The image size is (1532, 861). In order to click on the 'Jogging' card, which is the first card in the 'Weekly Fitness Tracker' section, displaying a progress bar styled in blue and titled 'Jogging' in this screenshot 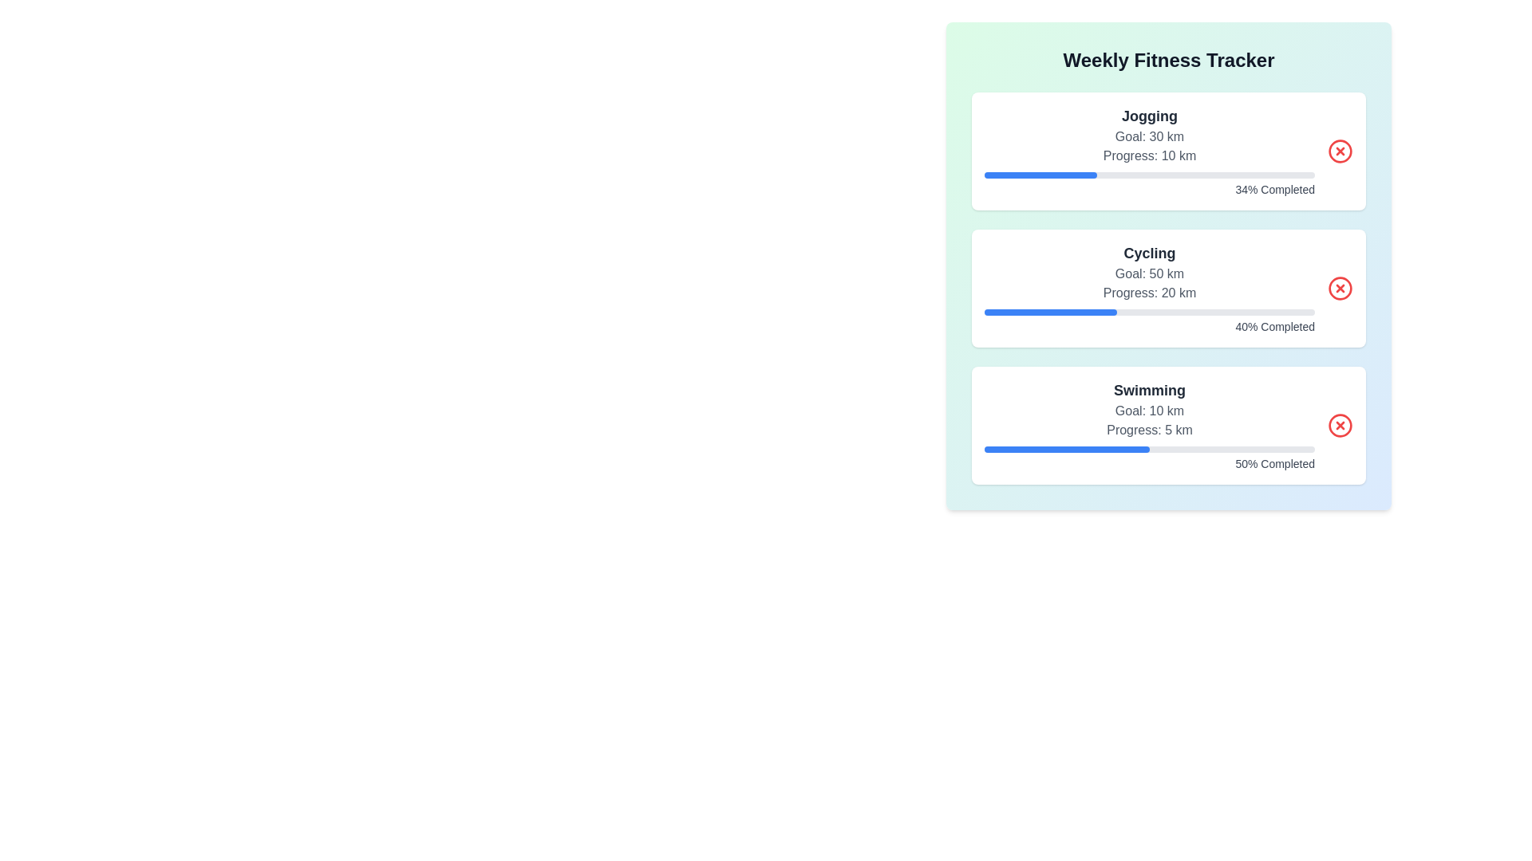, I will do `click(1168, 151)`.